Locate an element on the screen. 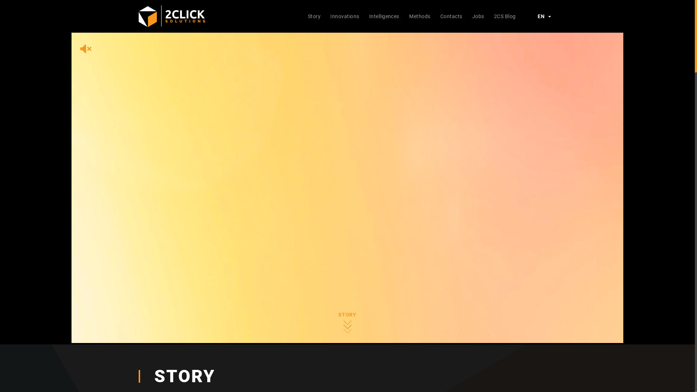  'Intelligences' is located at coordinates (383, 16).